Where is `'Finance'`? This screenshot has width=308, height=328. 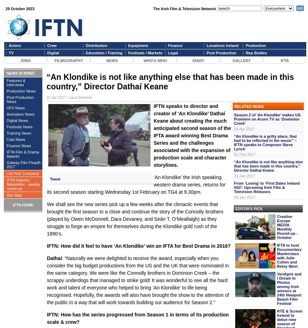 'Finance' is located at coordinates (175, 46).